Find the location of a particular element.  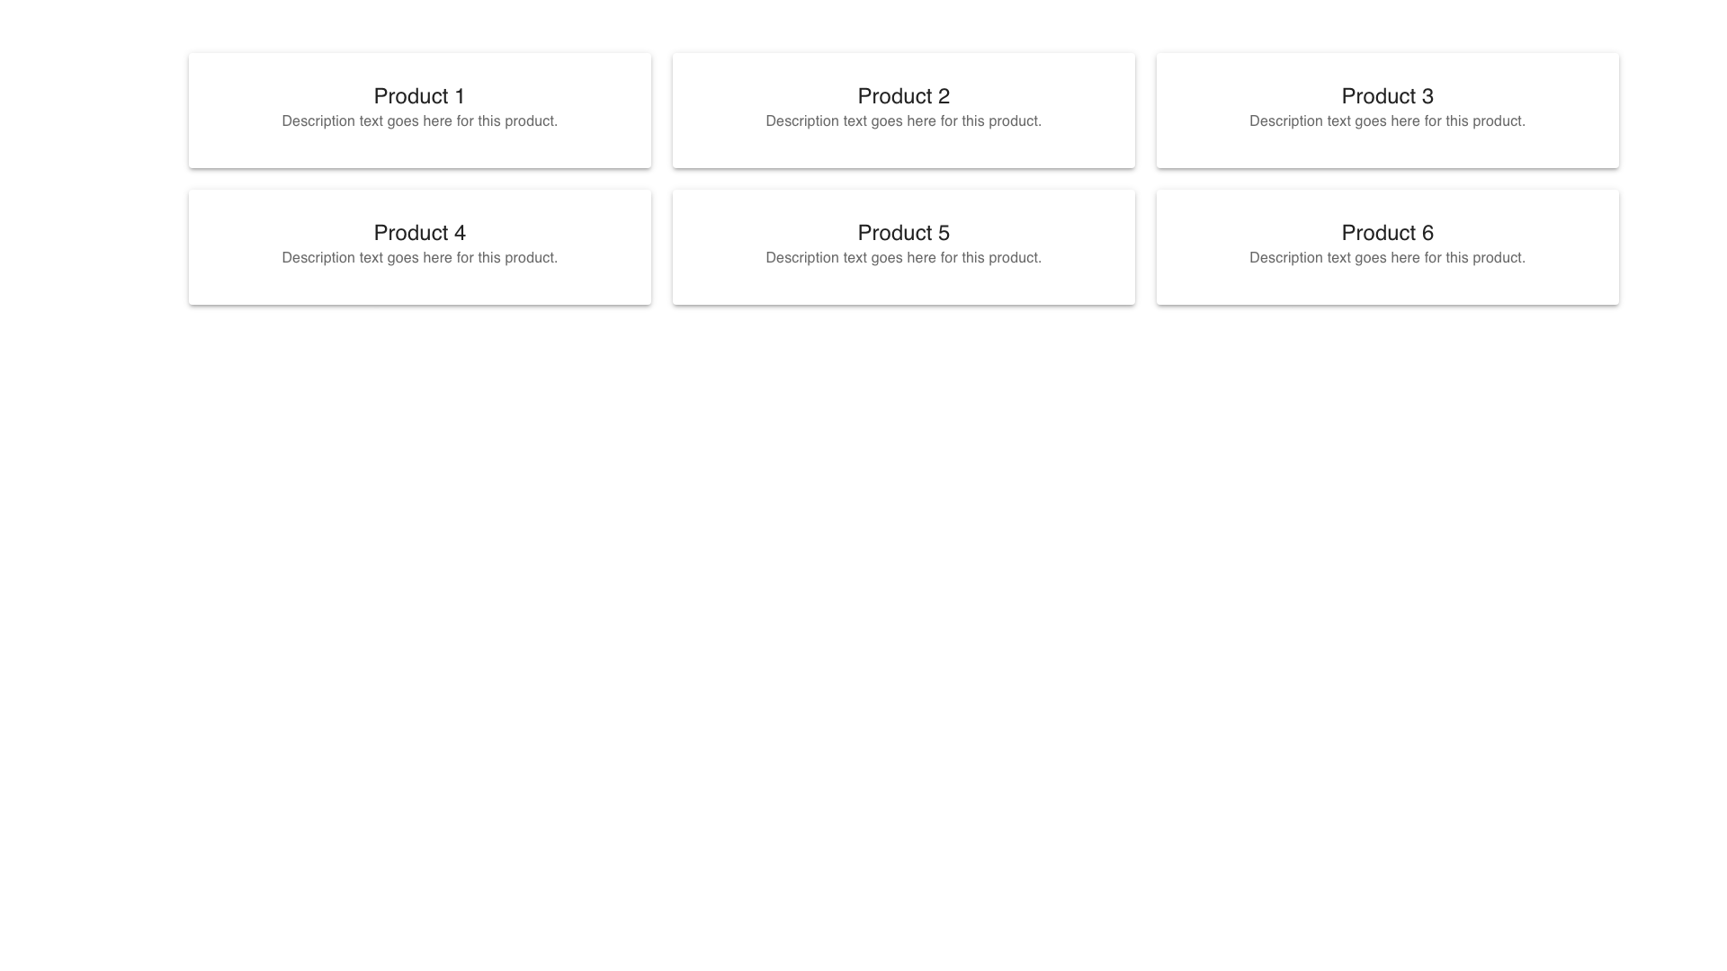

the second card in the first row of a 3-column grid layout, which presents information about 'Product 2' is located at coordinates (893, 100).